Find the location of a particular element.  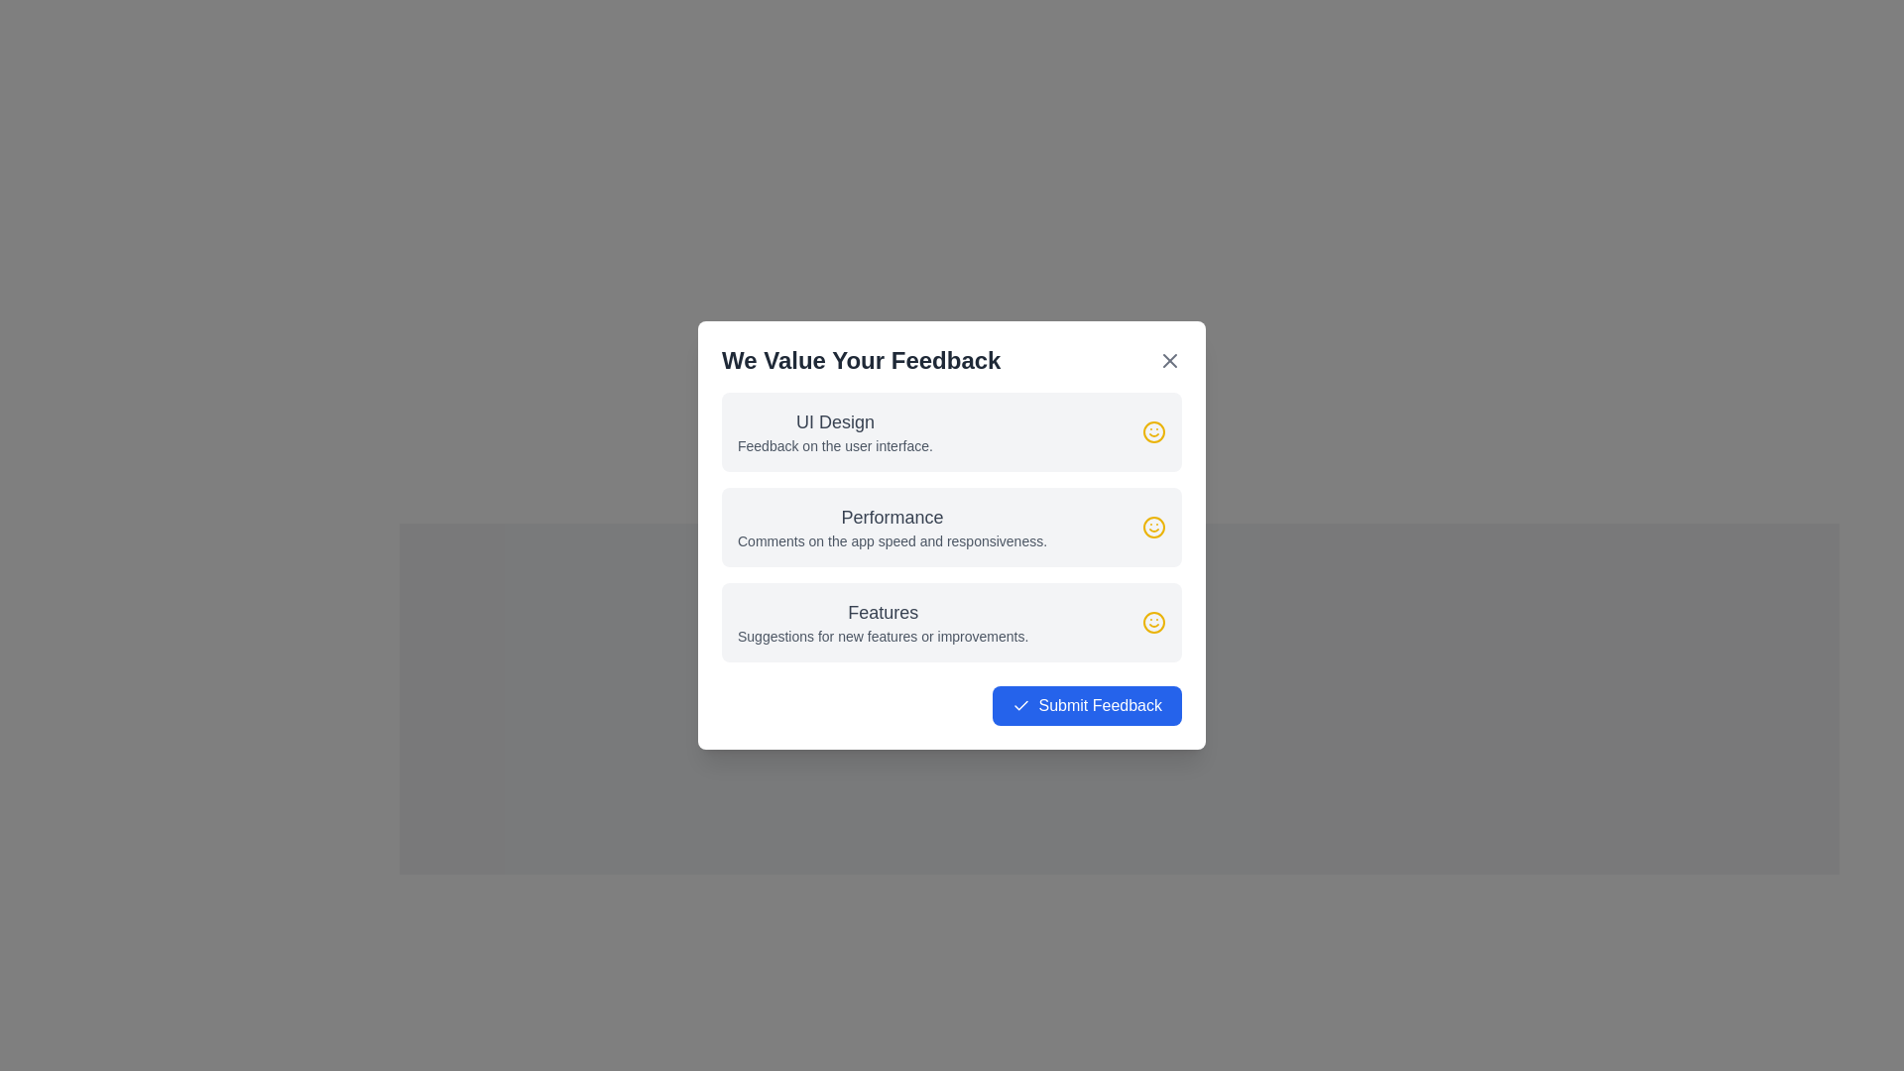

the Text label that provides context for the 'Performance' section in the user feedback form, located under the 'Performance' heading is located at coordinates (892, 541).